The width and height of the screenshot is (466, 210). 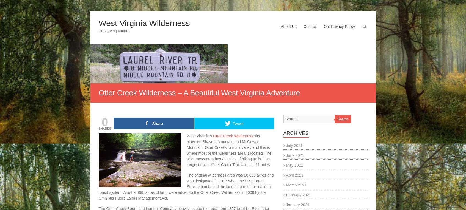 I want to click on 'West Virginia Wilderness', so click(x=144, y=23).